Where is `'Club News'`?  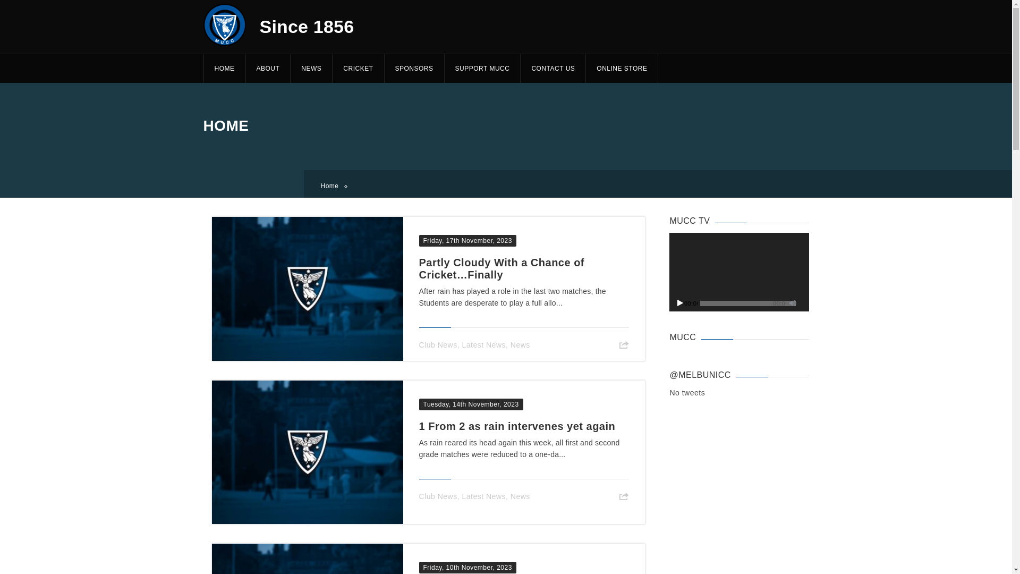 'Club News' is located at coordinates (438, 496).